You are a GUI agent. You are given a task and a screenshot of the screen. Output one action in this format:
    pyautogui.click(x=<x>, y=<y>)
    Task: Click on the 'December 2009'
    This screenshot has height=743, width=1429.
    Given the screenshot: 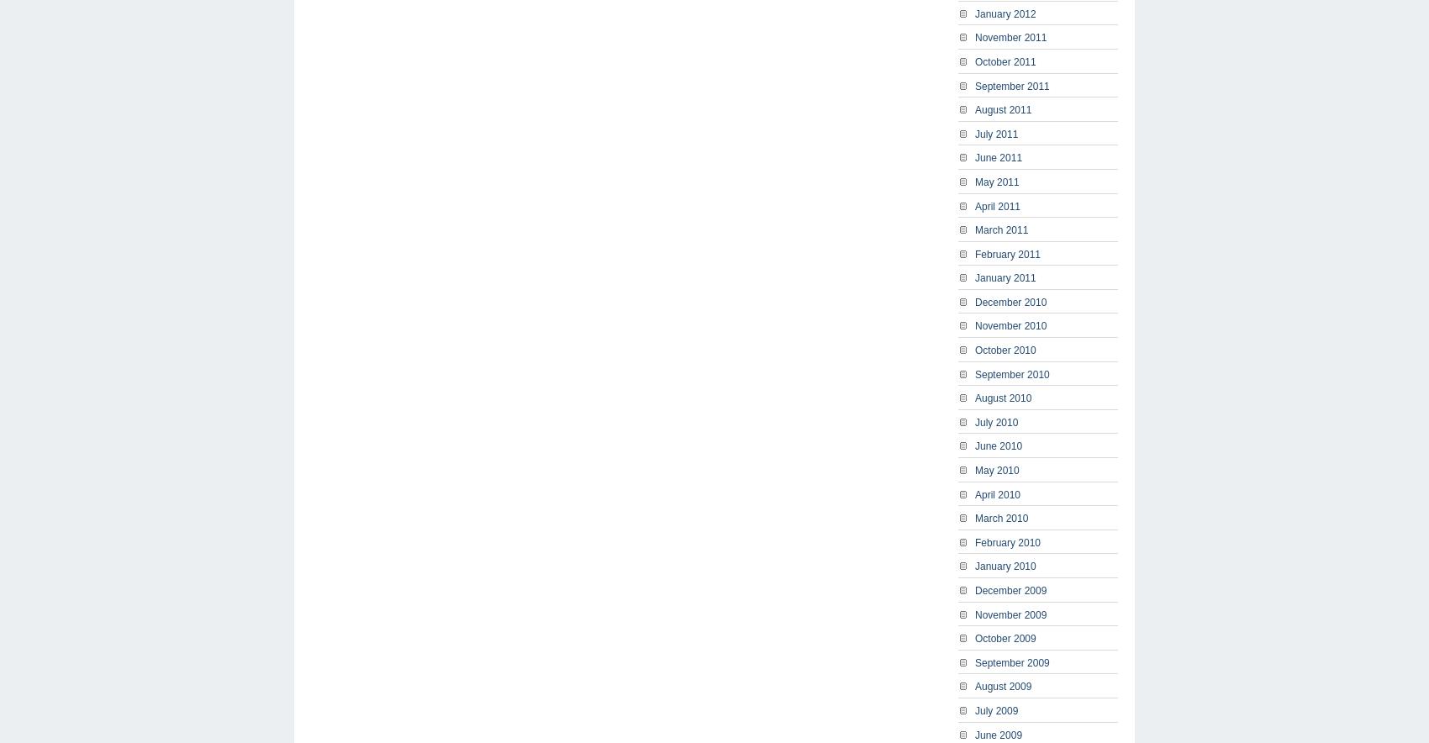 What is the action you would take?
    pyautogui.click(x=1010, y=589)
    